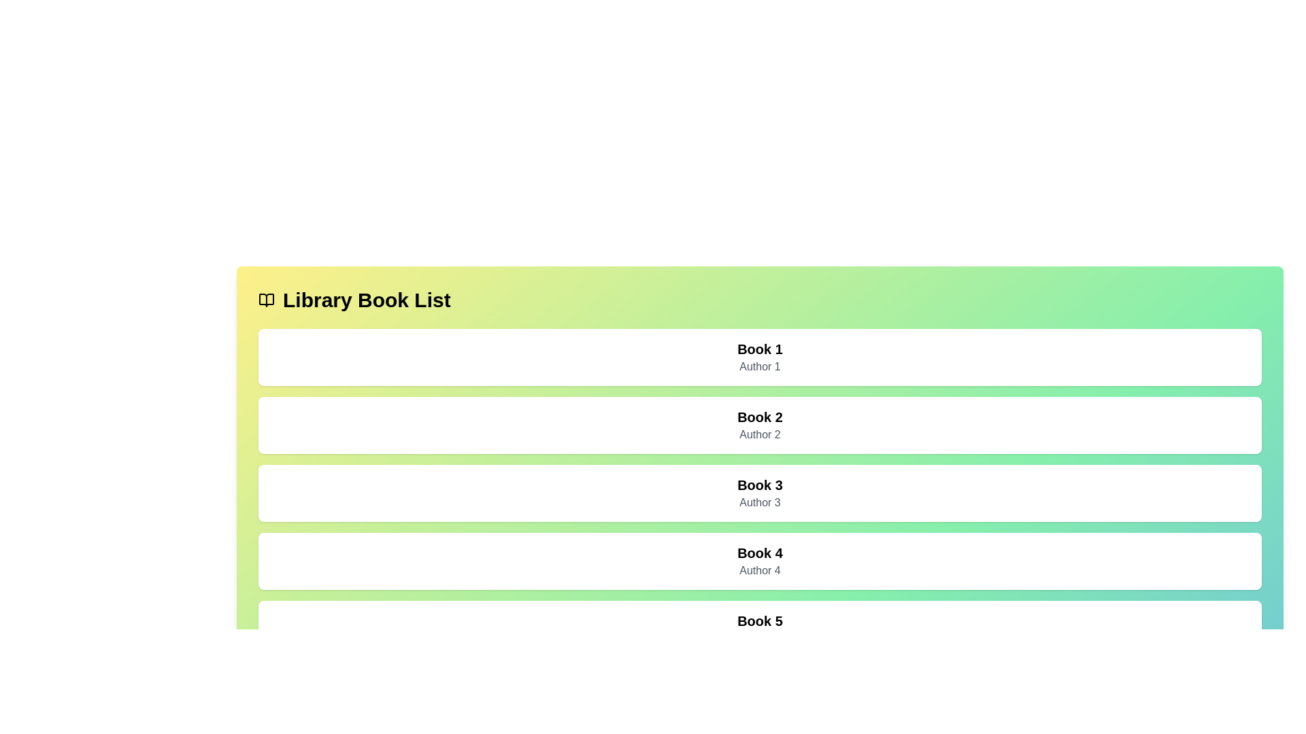  I want to click on the open book icon located at the top left of the interface, near the title 'Library Book List', so click(267, 300).